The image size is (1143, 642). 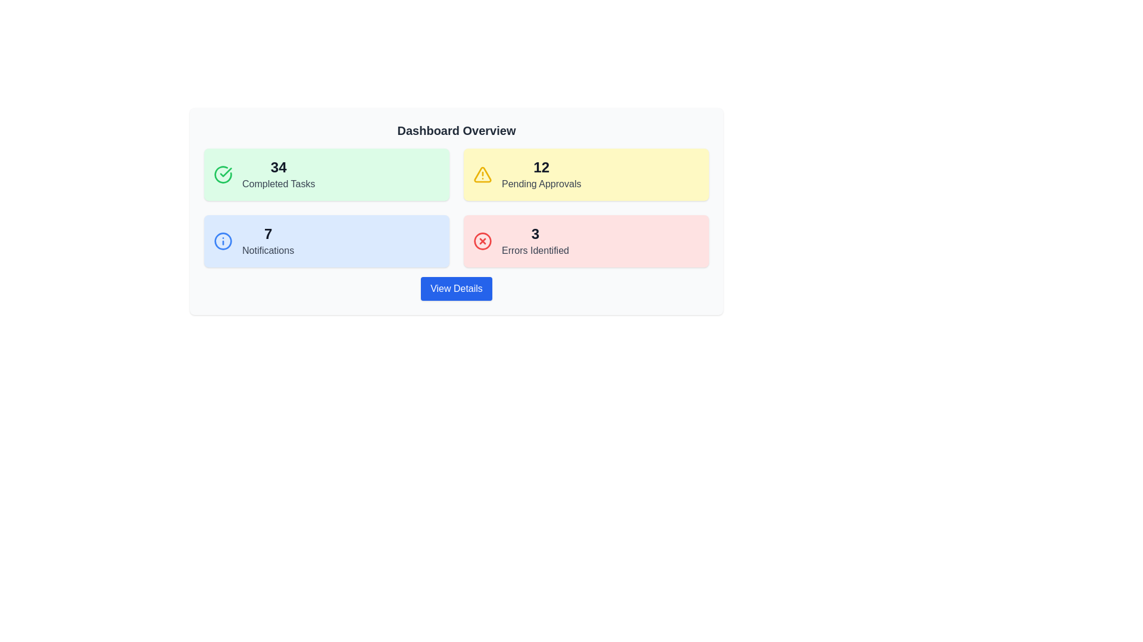 I want to click on the yellow triangular icon with an exclamation mark, located on the left of the '12 Pending Approvals' text in the dashboard card, so click(x=483, y=174).